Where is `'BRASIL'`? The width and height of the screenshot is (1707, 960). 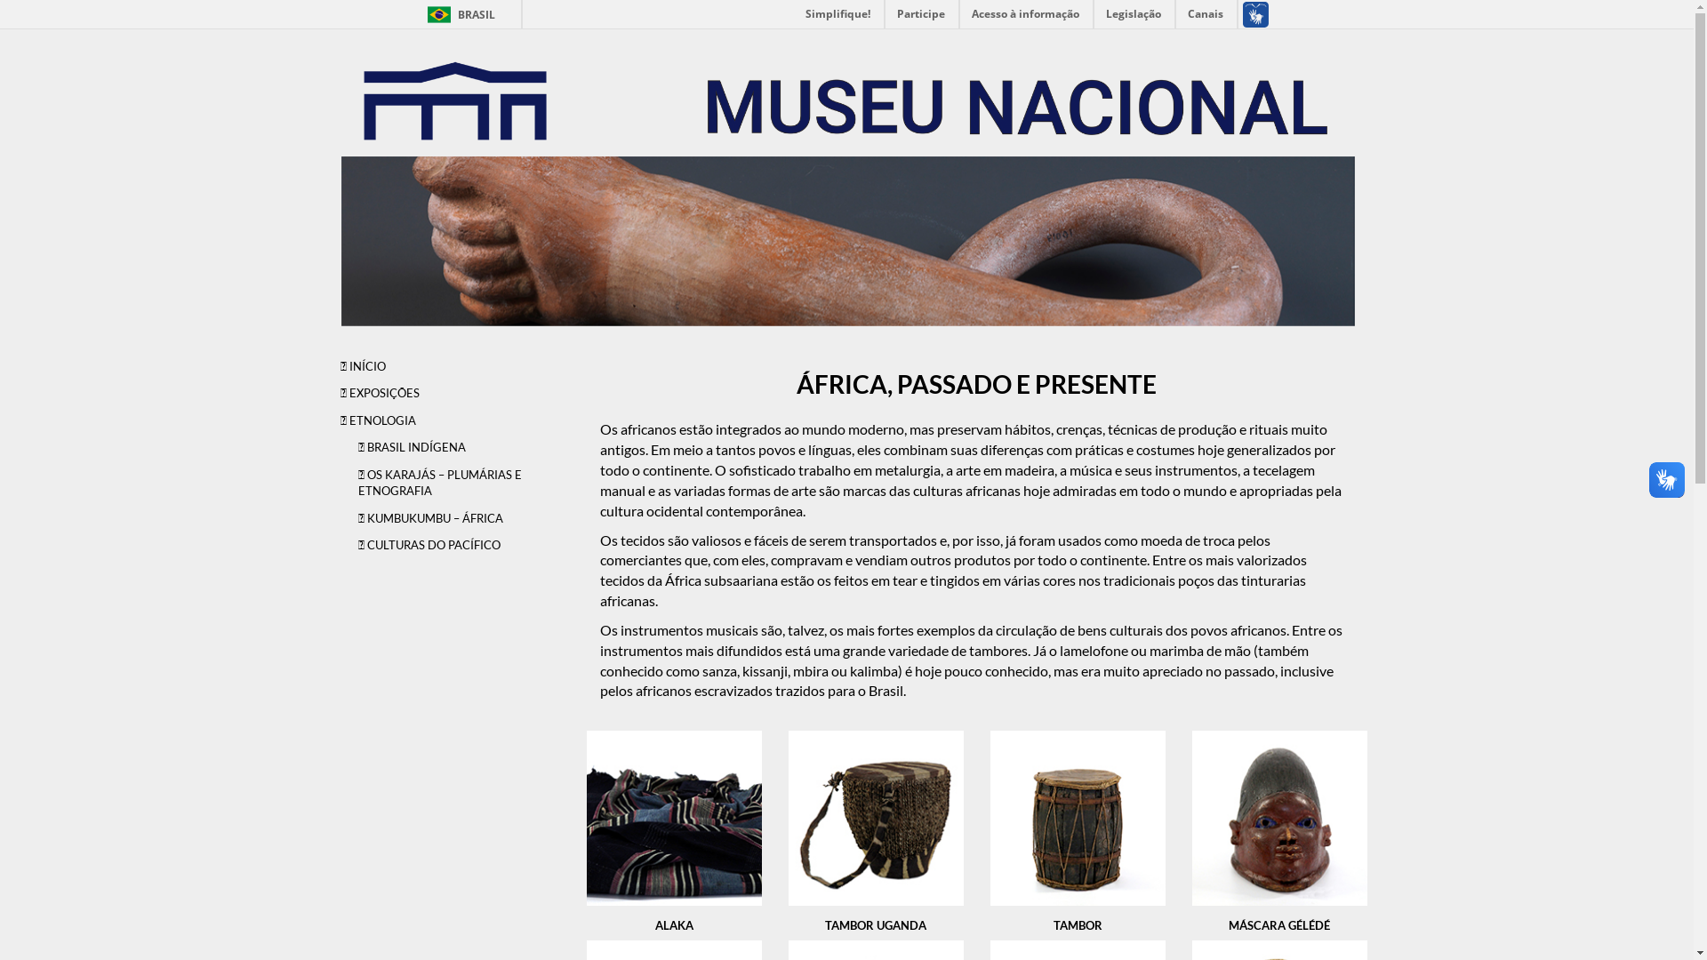
'BRASIL' is located at coordinates (438, 14).